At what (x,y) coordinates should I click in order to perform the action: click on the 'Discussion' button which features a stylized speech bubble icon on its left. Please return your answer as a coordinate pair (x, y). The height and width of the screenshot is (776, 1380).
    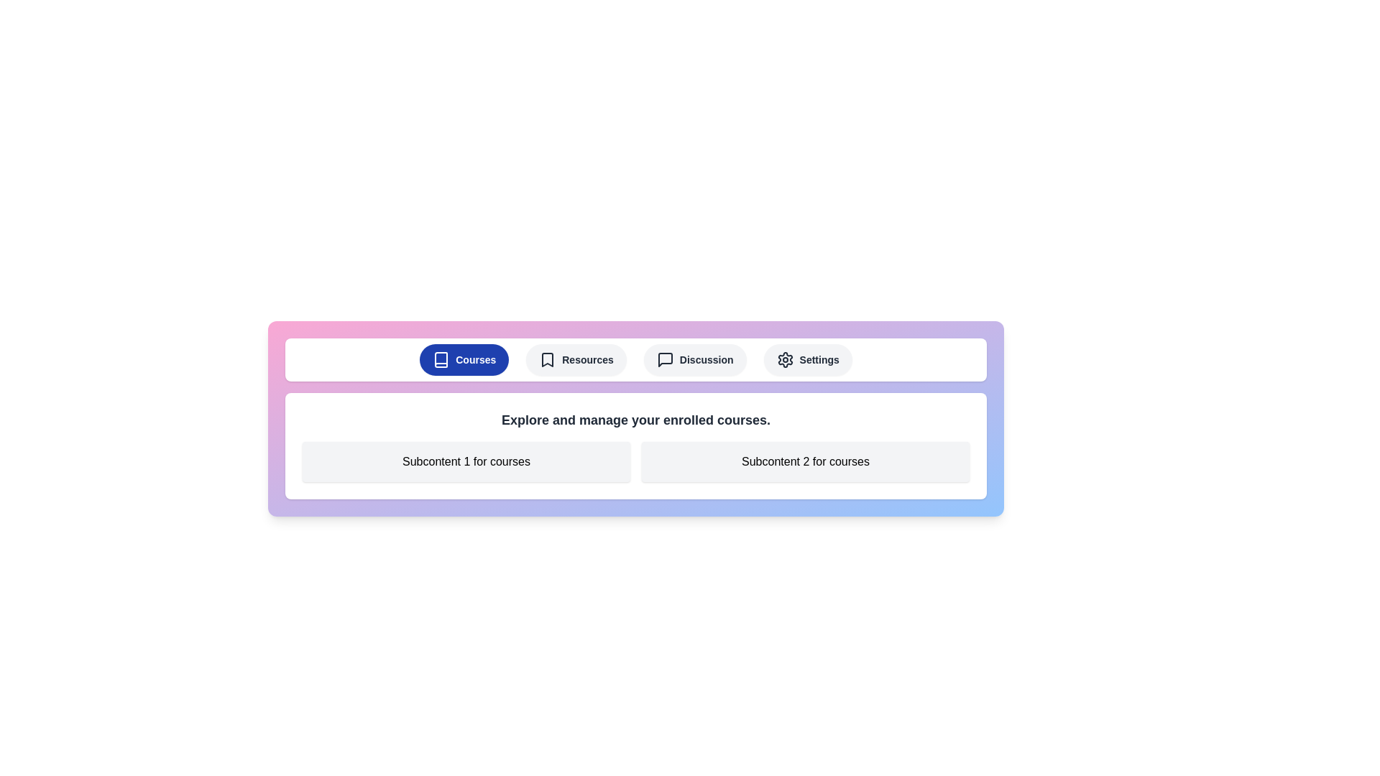
    Looking at the image, I should click on (664, 359).